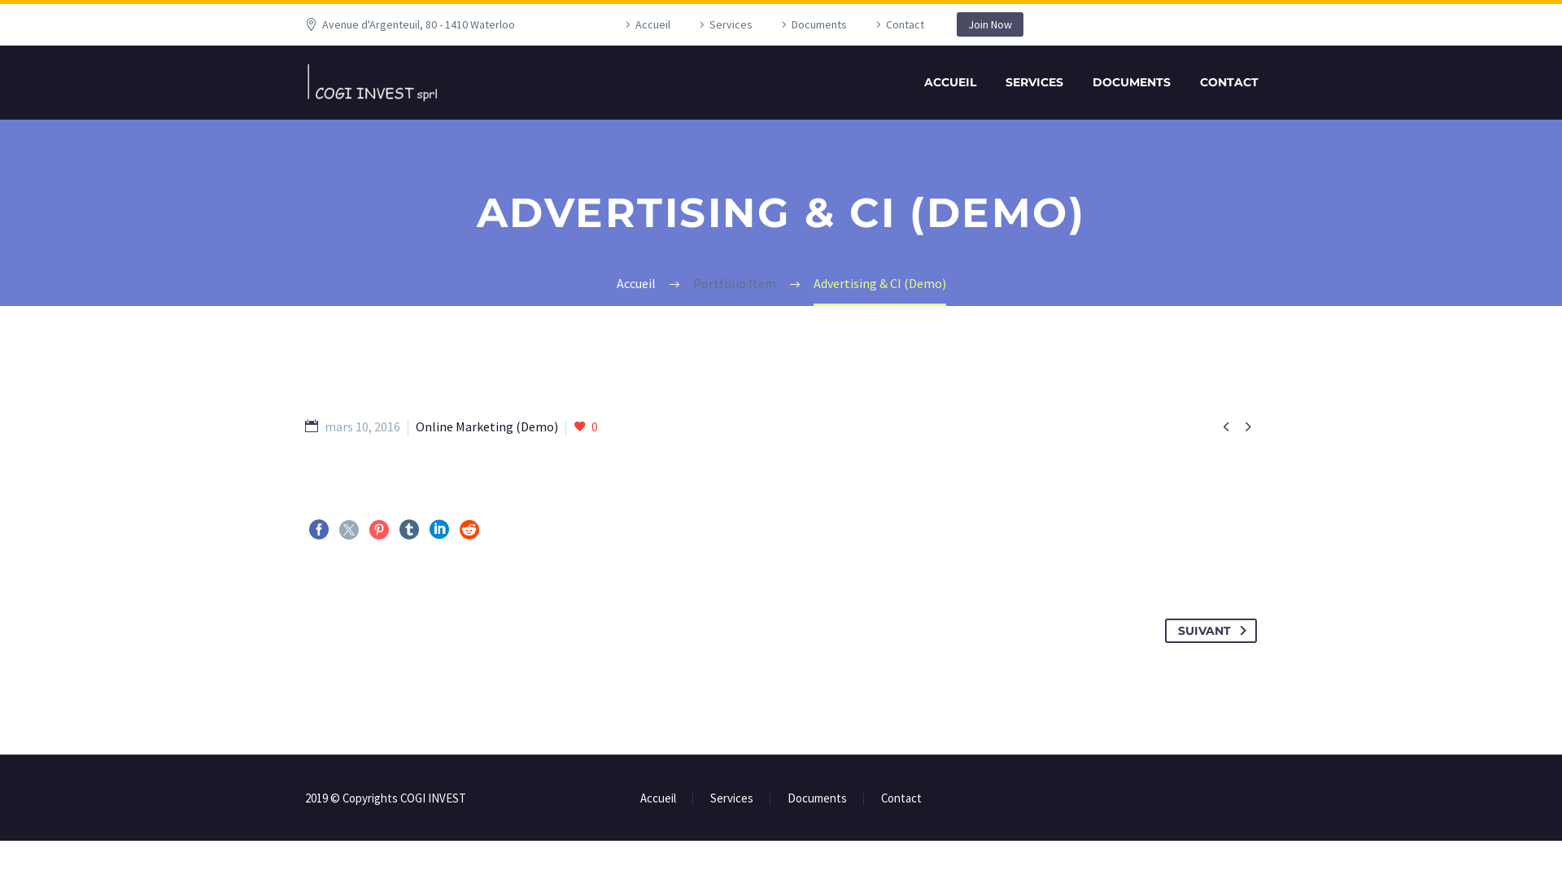  I want to click on 'Services', so click(722, 24).